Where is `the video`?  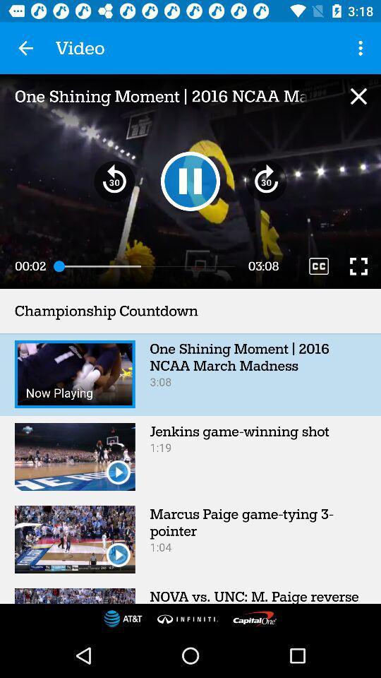 the video is located at coordinates (358, 95).